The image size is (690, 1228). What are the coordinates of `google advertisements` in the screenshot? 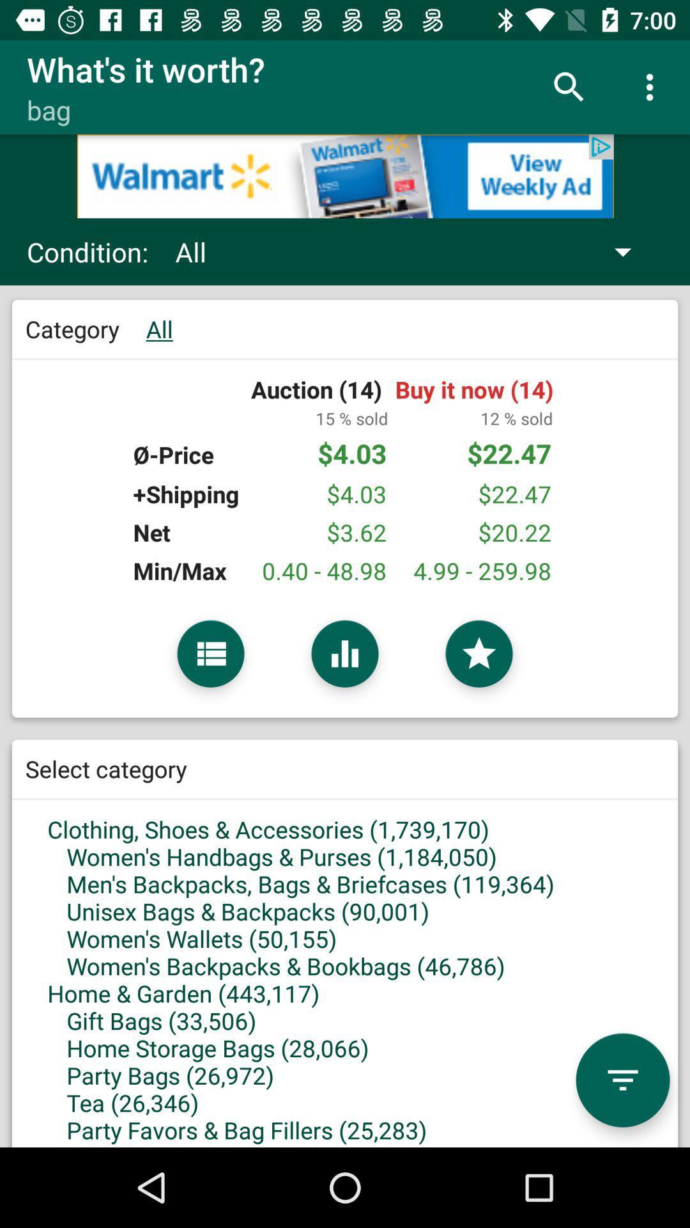 It's located at (345, 175).